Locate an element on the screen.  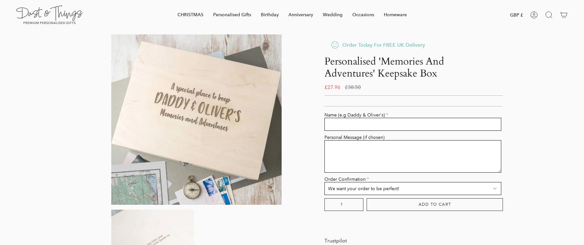
'Made from: Pine Wood' is located at coordinates (352, 42).